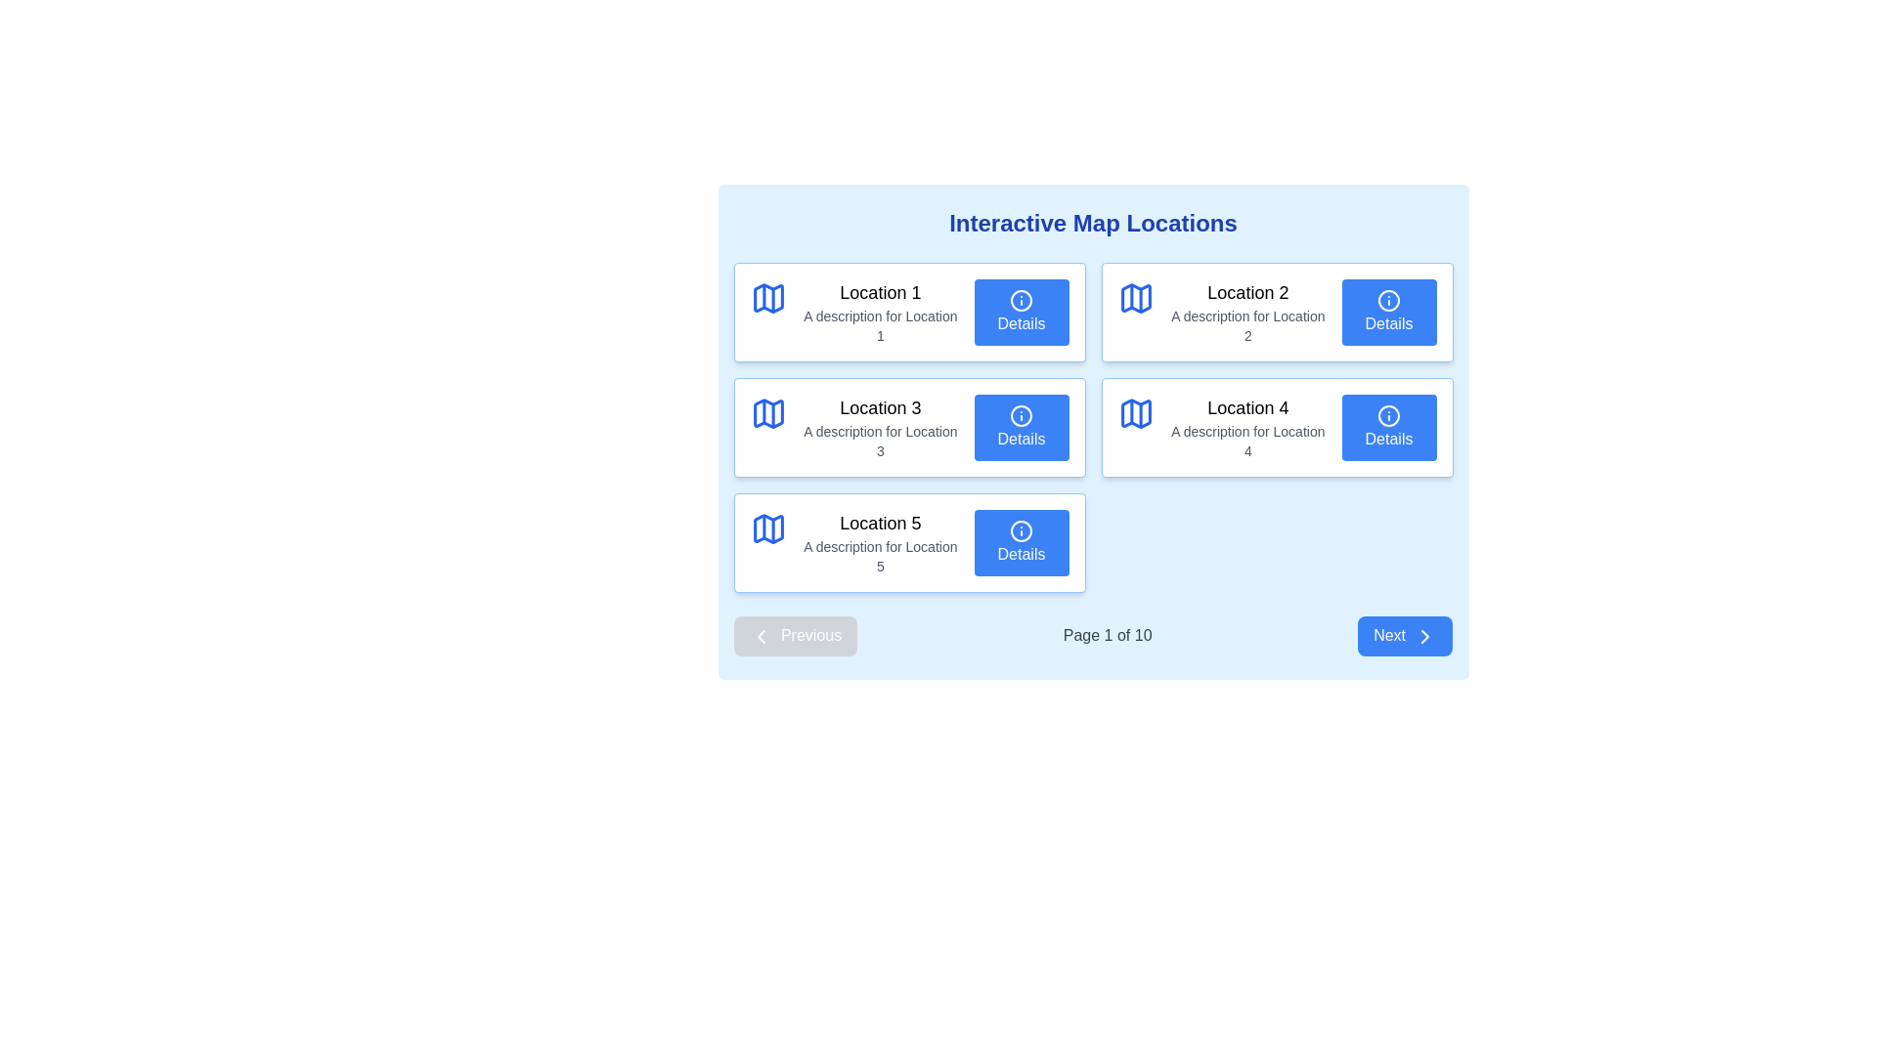  Describe the element at coordinates (1021, 301) in the screenshot. I see `the design of the SVG Circle that serves as the enclosing circle for the informational icon positioned to the right of the 'Details' button for 'Location 1'` at that location.